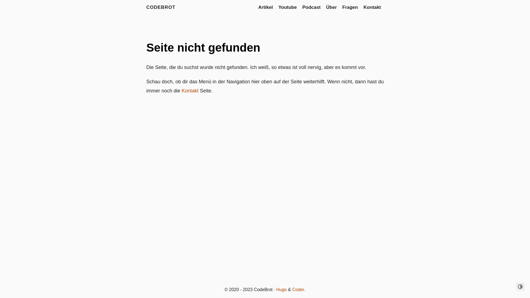  I want to click on 'Artikel', so click(266, 7).